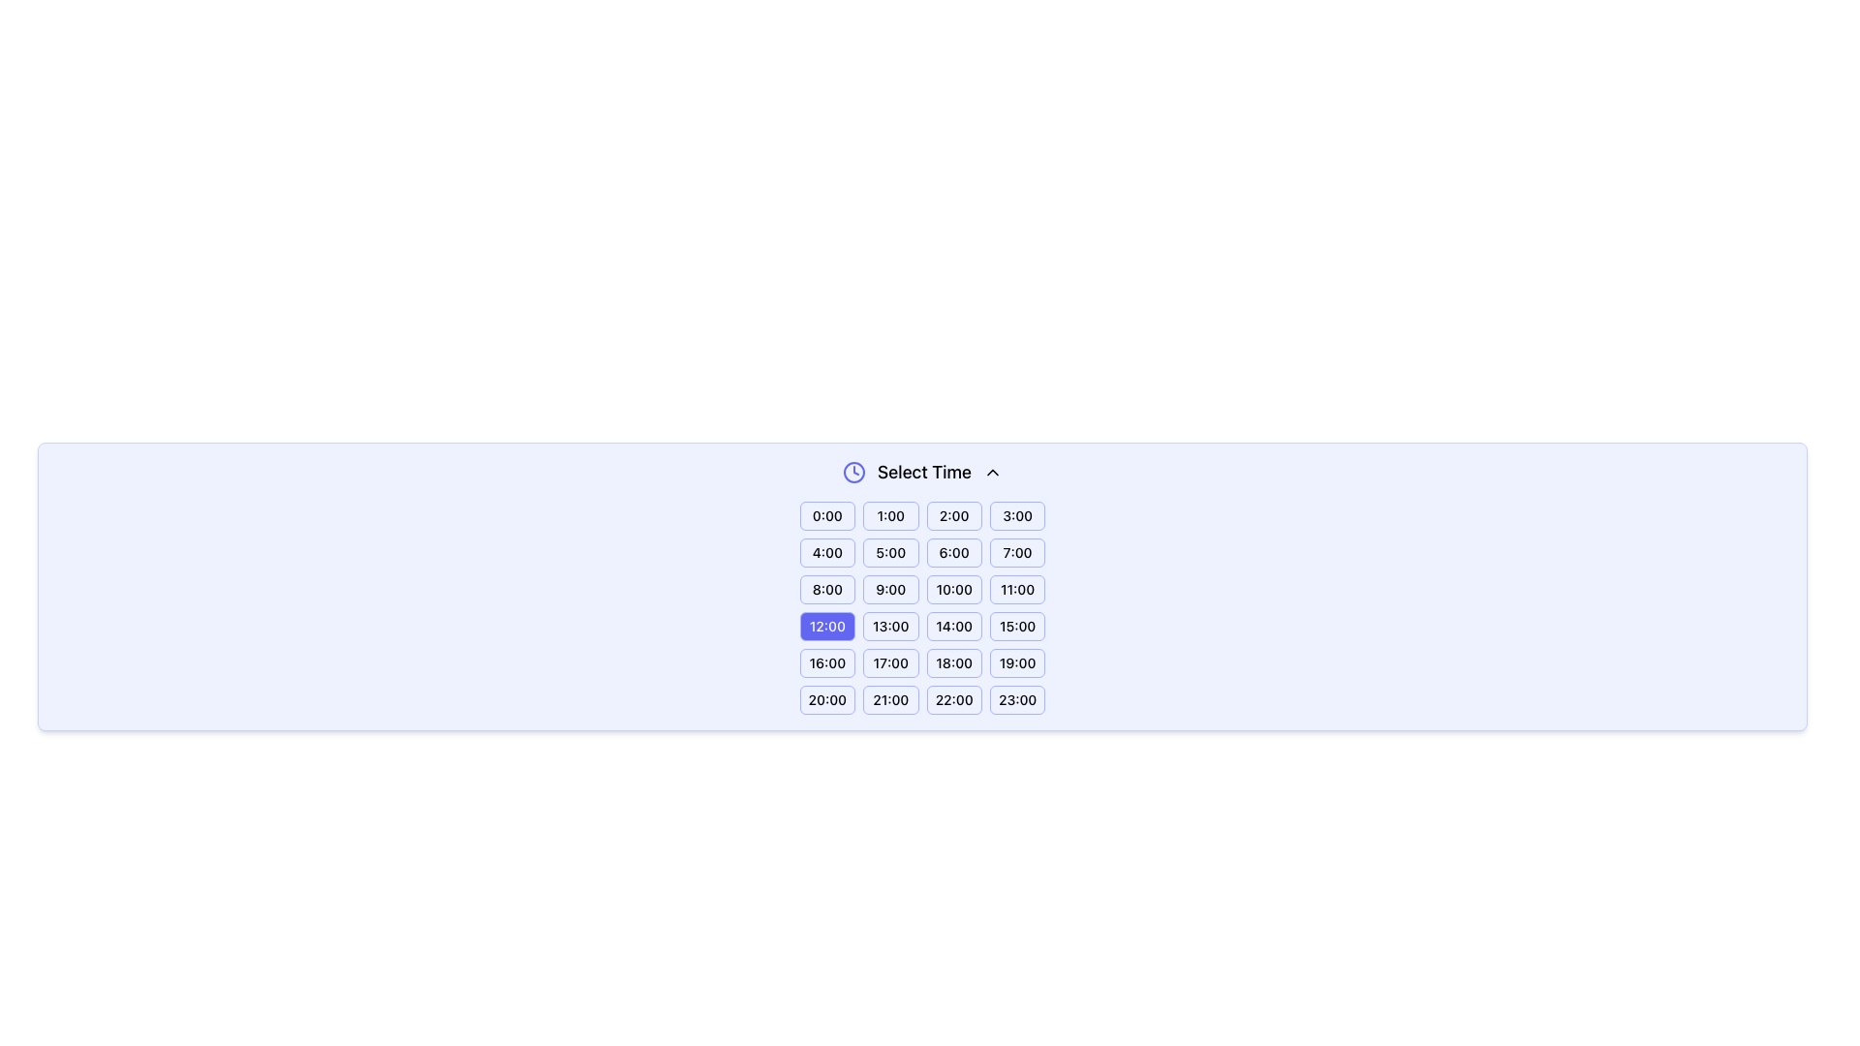  Describe the element at coordinates (827, 589) in the screenshot. I see `the rectangular button with rounded corners labeled '8:00' located in the third row, first column of the time grid below 'Select Time'` at that location.